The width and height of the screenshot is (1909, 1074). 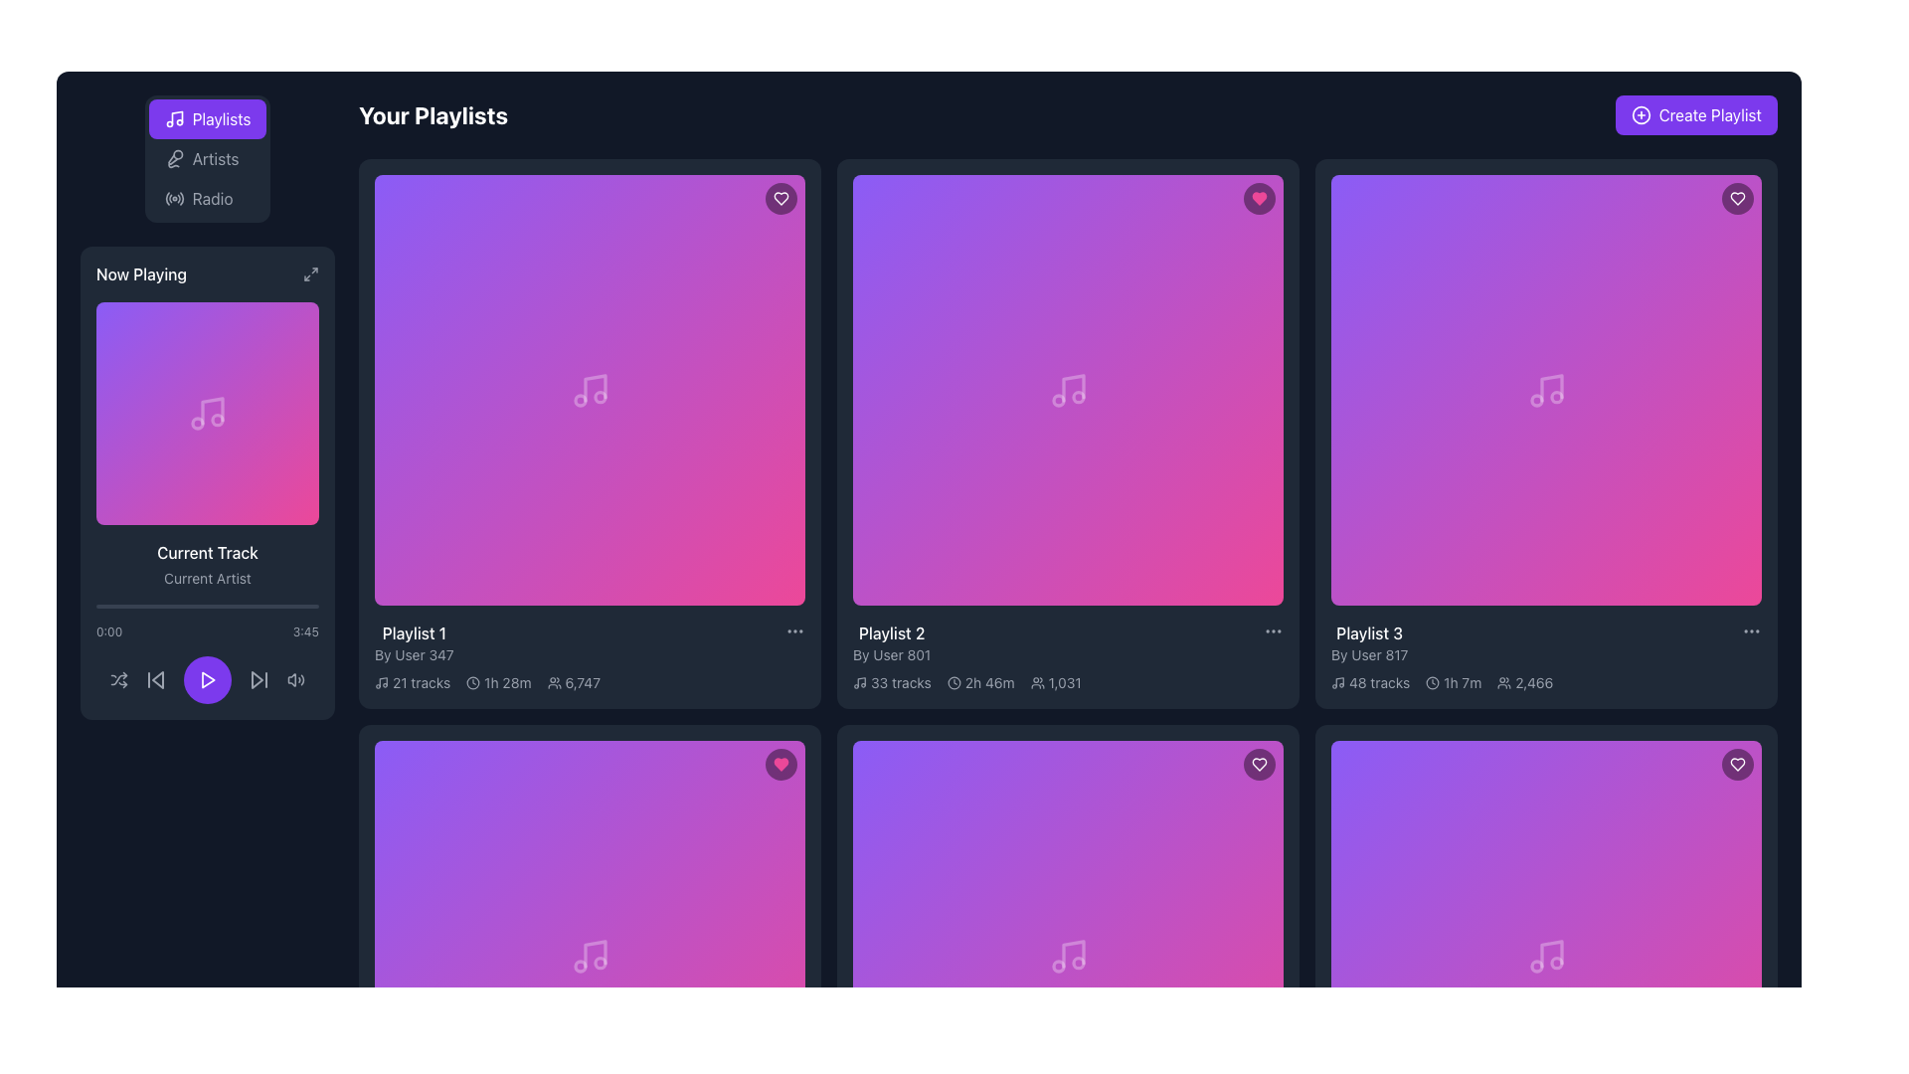 I want to click on the small circular component of the musical note icon located in the fourth card from the top left of the playlist section, so click(x=1555, y=397).